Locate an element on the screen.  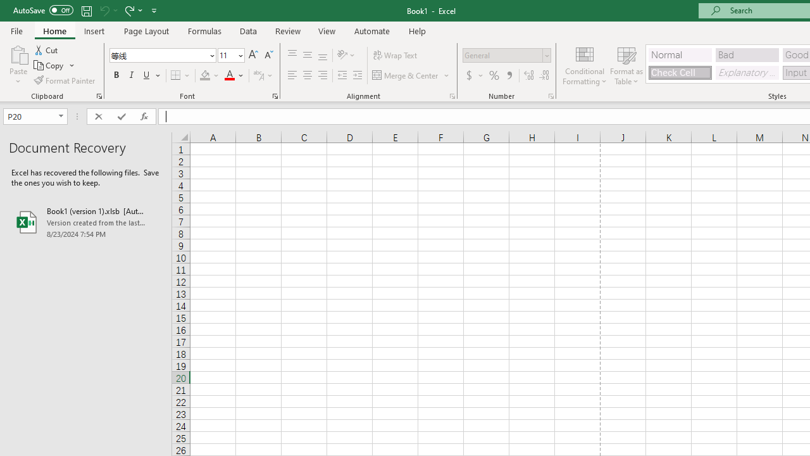
'Font' is located at coordinates (158, 54).